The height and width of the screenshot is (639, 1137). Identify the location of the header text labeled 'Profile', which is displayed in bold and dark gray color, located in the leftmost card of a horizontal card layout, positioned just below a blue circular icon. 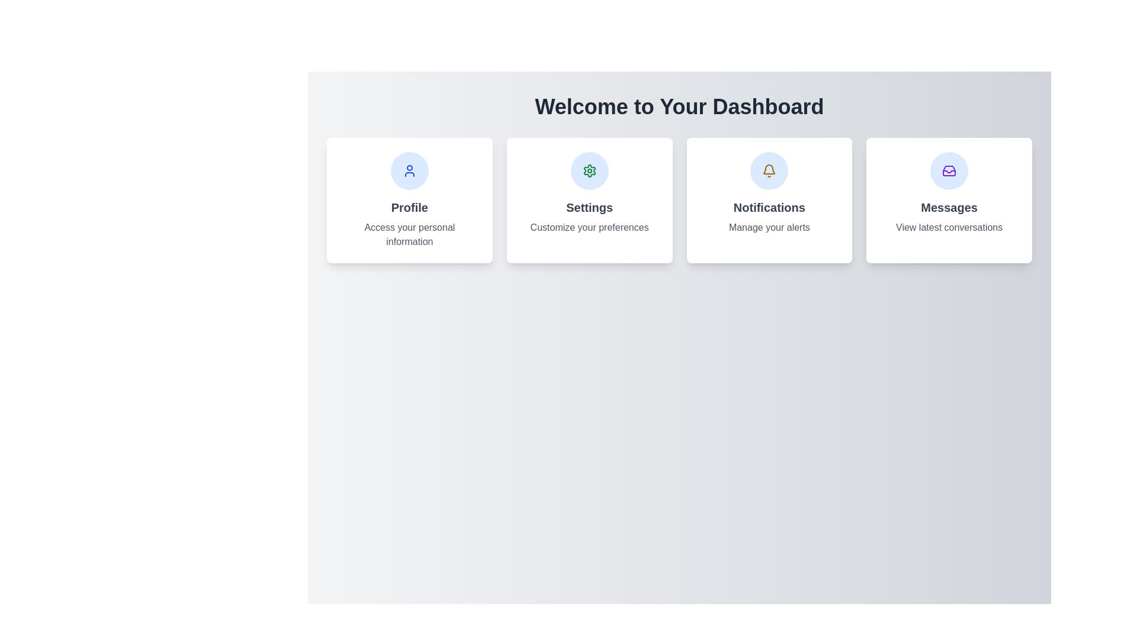
(409, 207).